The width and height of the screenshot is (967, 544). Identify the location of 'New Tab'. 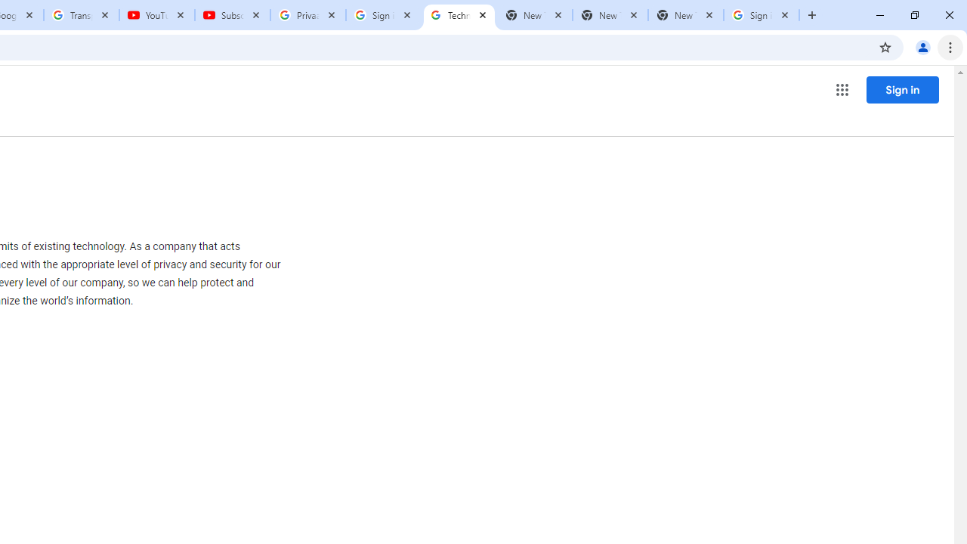
(684, 15).